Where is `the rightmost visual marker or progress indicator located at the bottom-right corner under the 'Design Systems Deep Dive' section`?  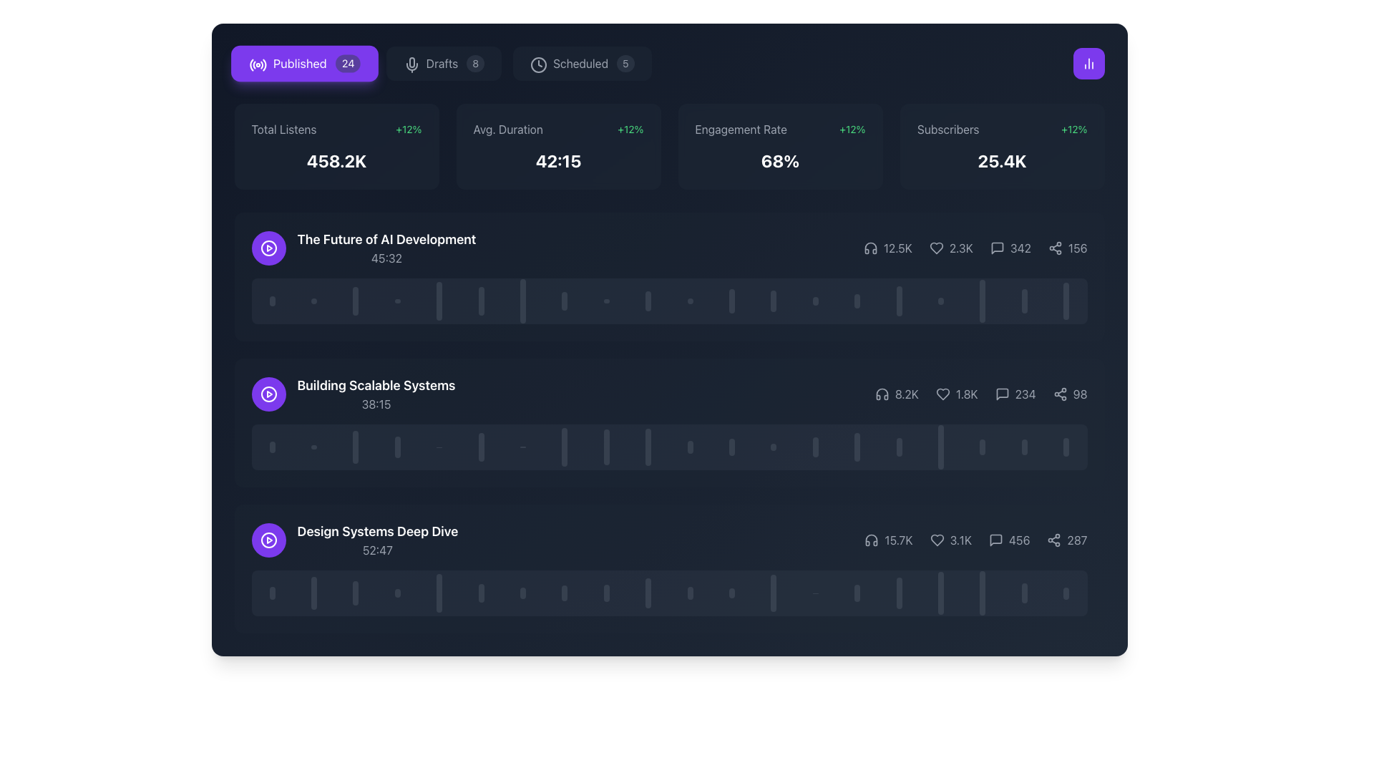 the rightmost visual marker or progress indicator located at the bottom-right corner under the 'Design Systems Deep Dive' section is located at coordinates (1066, 593).